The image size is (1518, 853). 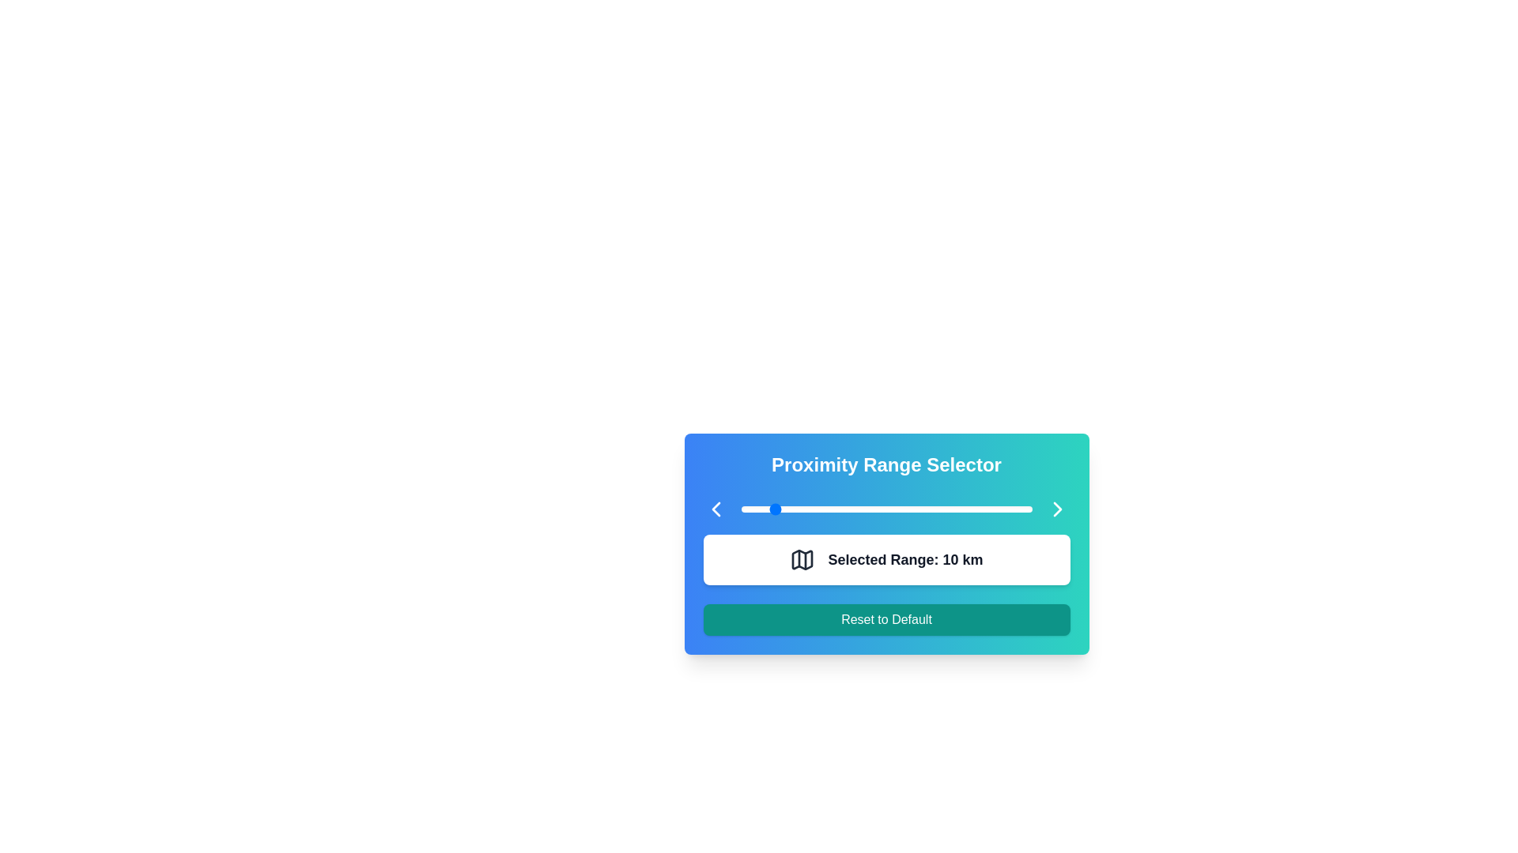 What do you see at coordinates (996, 509) in the screenshot?
I see `proximity range` at bounding box center [996, 509].